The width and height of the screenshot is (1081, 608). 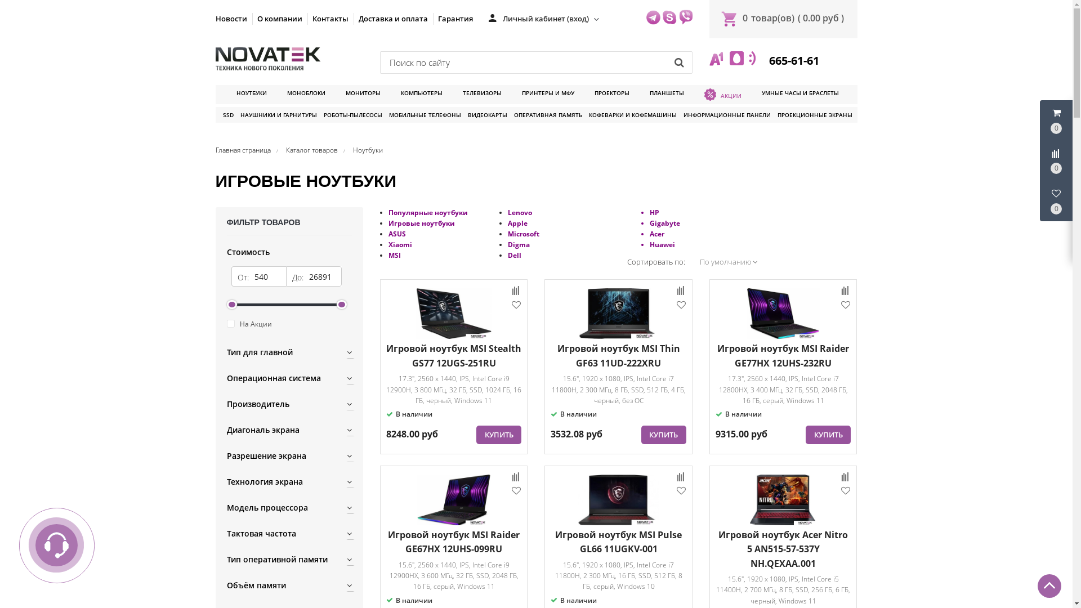 I want to click on 'Xiaomi', so click(x=388, y=244).